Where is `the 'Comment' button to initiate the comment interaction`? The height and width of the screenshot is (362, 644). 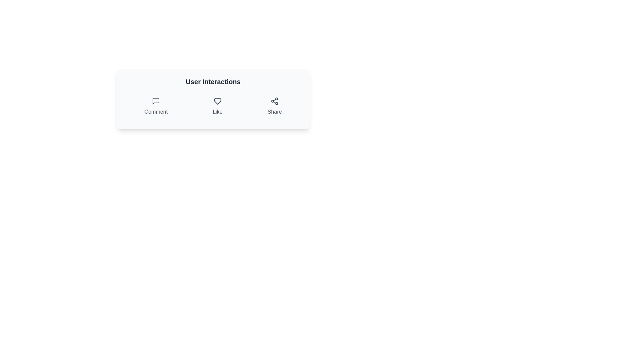 the 'Comment' button to initiate the comment interaction is located at coordinates (156, 106).